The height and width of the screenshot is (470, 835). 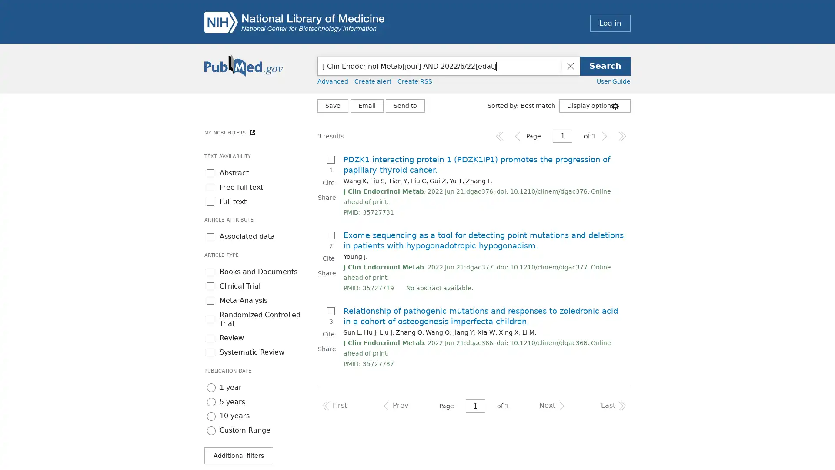 What do you see at coordinates (605, 65) in the screenshot?
I see `Search` at bounding box center [605, 65].